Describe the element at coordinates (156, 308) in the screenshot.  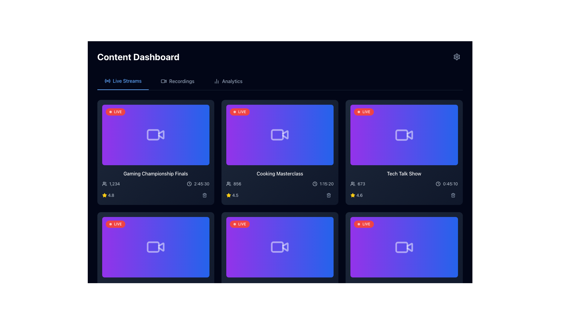
I see `the Rating Indicator located underneath the live stream cards section, which displays the quality or popularity of the item` at that location.